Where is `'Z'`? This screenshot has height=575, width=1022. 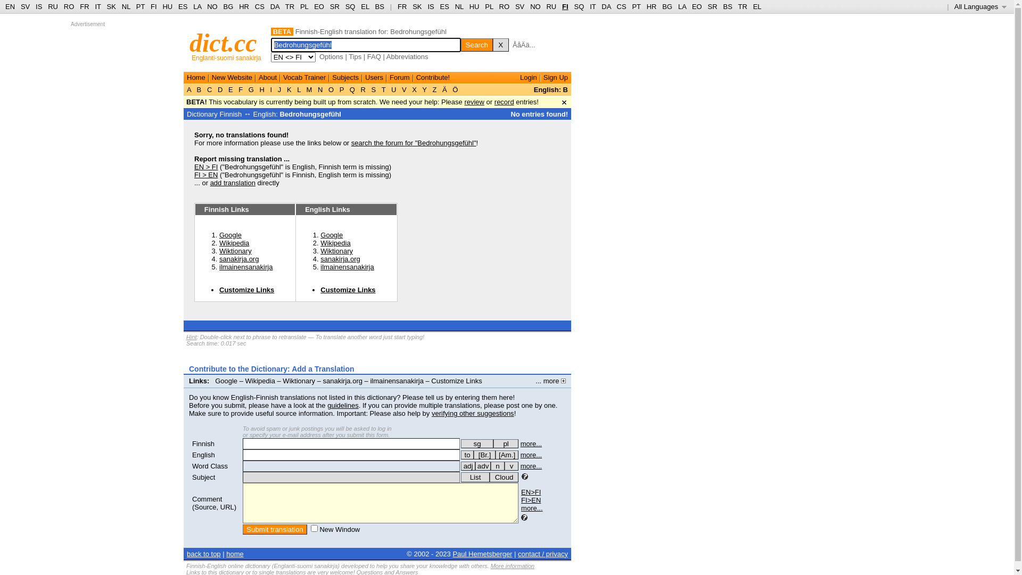
'Z' is located at coordinates (434, 89).